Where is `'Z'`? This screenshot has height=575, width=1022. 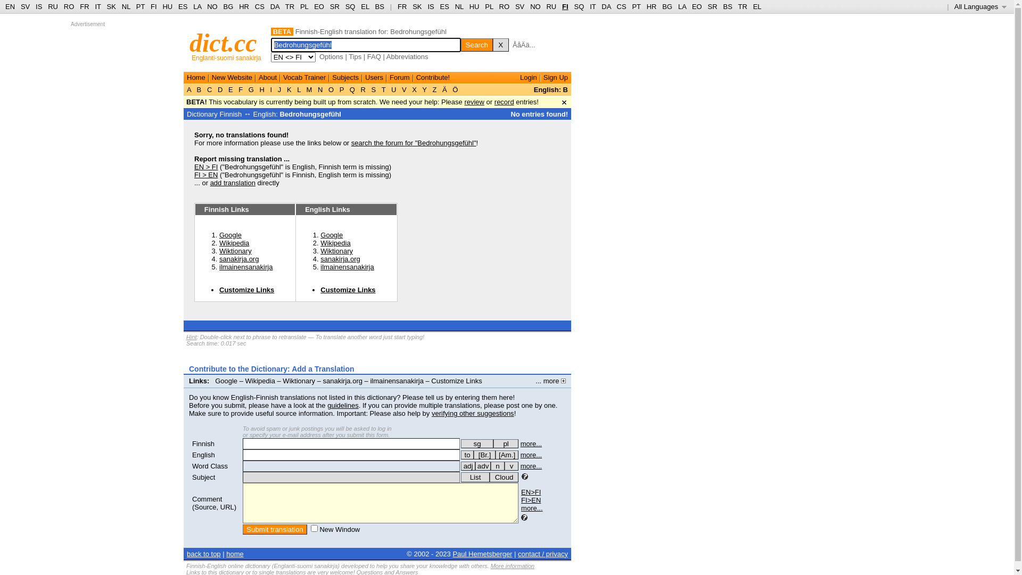
'Z' is located at coordinates (434, 89).